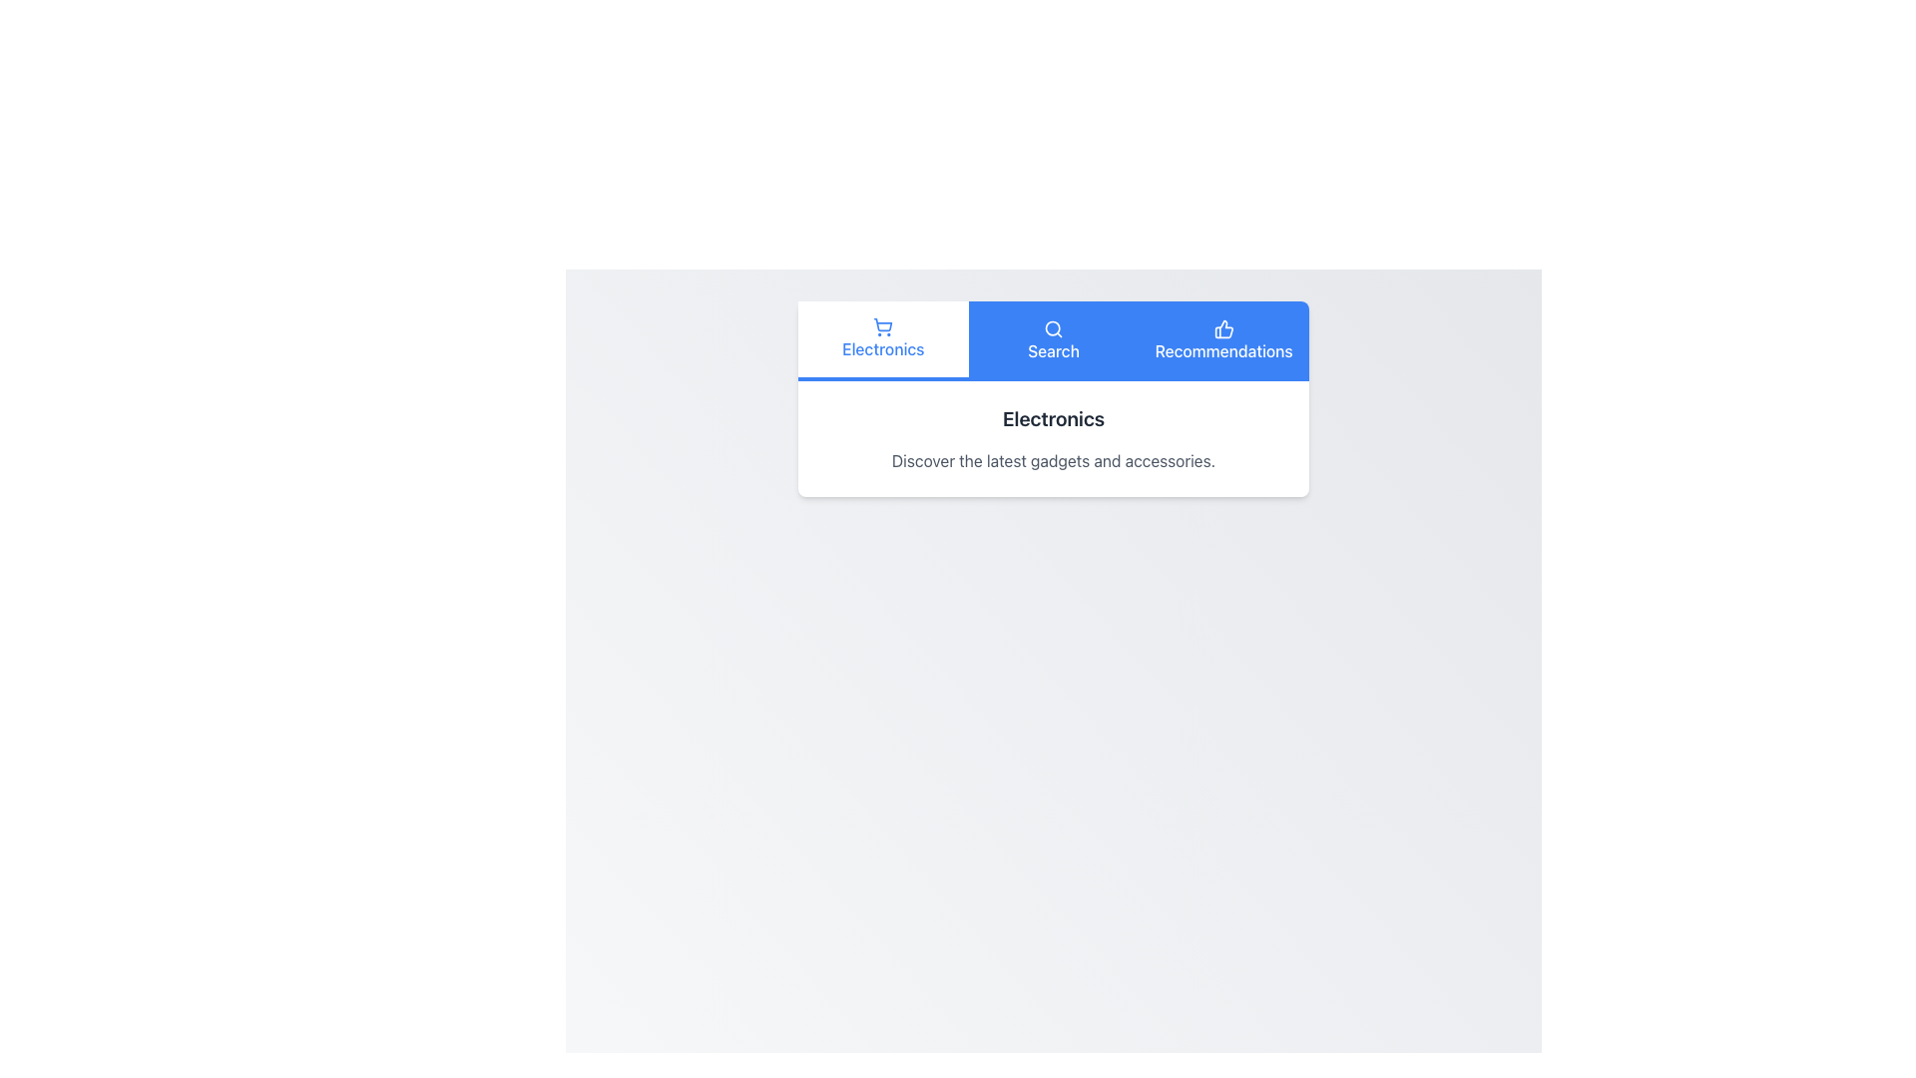 The image size is (1916, 1078). What do you see at coordinates (1053, 340) in the screenshot?
I see `the button located between 'Electronics' and 'Recommendations' in the navigation bar` at bounding box center [1053, 340].